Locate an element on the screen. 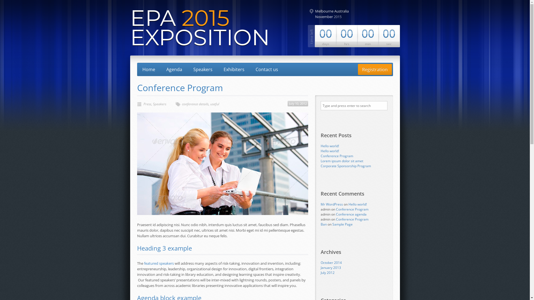 This screenshot has width=534, height=300. 'Sample Page' is located at coordinates (332, 224).